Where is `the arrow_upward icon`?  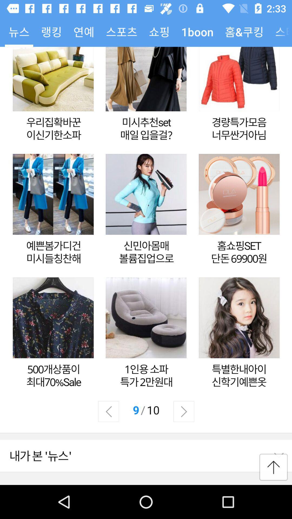 the arrow_upward icon is located at coordinates (273, 467).